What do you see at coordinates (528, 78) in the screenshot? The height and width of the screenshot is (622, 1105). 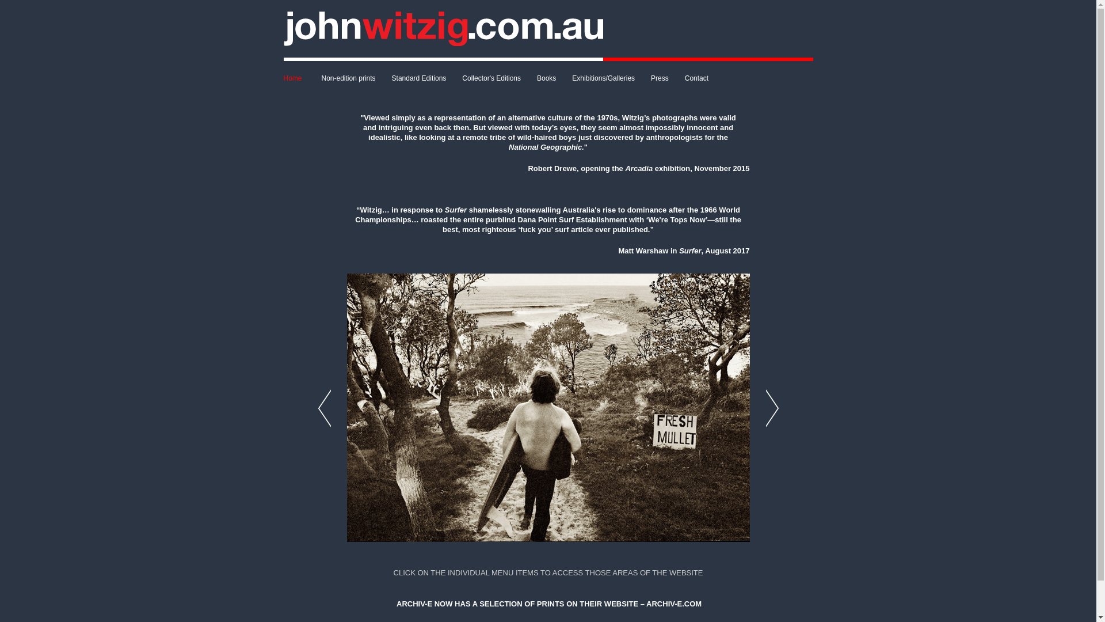 I see `'Books'` at bounding box center [528, 78].